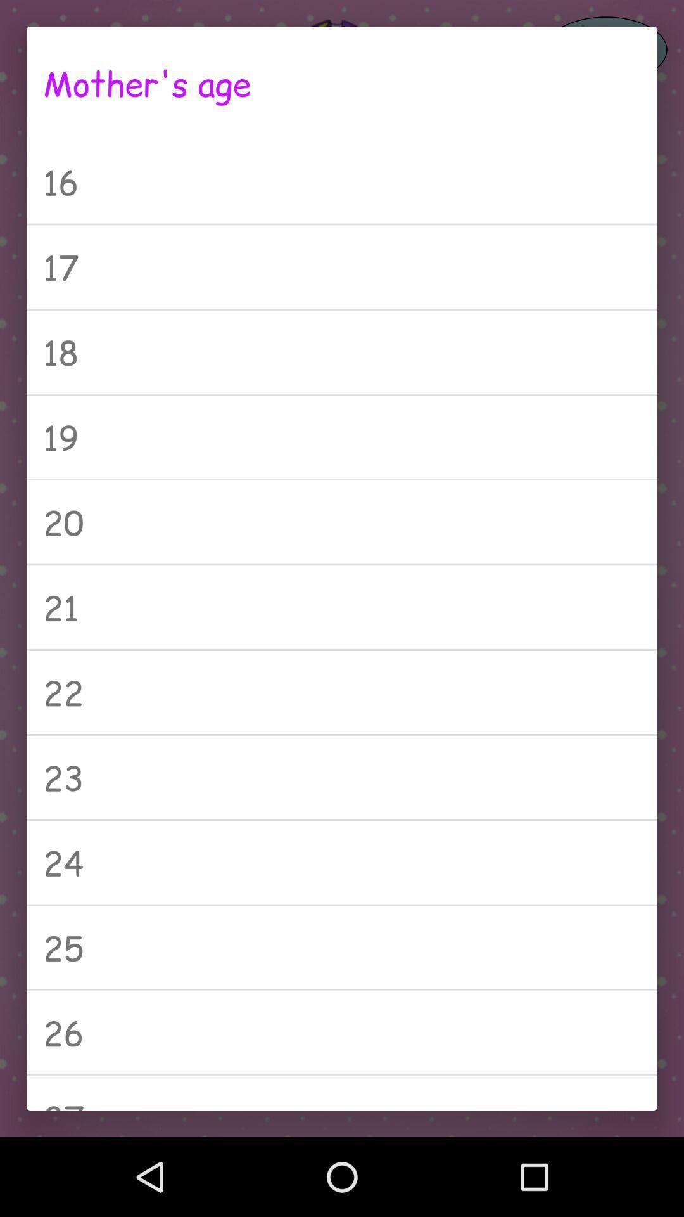 Image resolution: width=684 pixels, height=1217 pixels. What do you see at coordinates (342, 181) in the screenshot?
I see `16 item` at bounding box center [342, 181].